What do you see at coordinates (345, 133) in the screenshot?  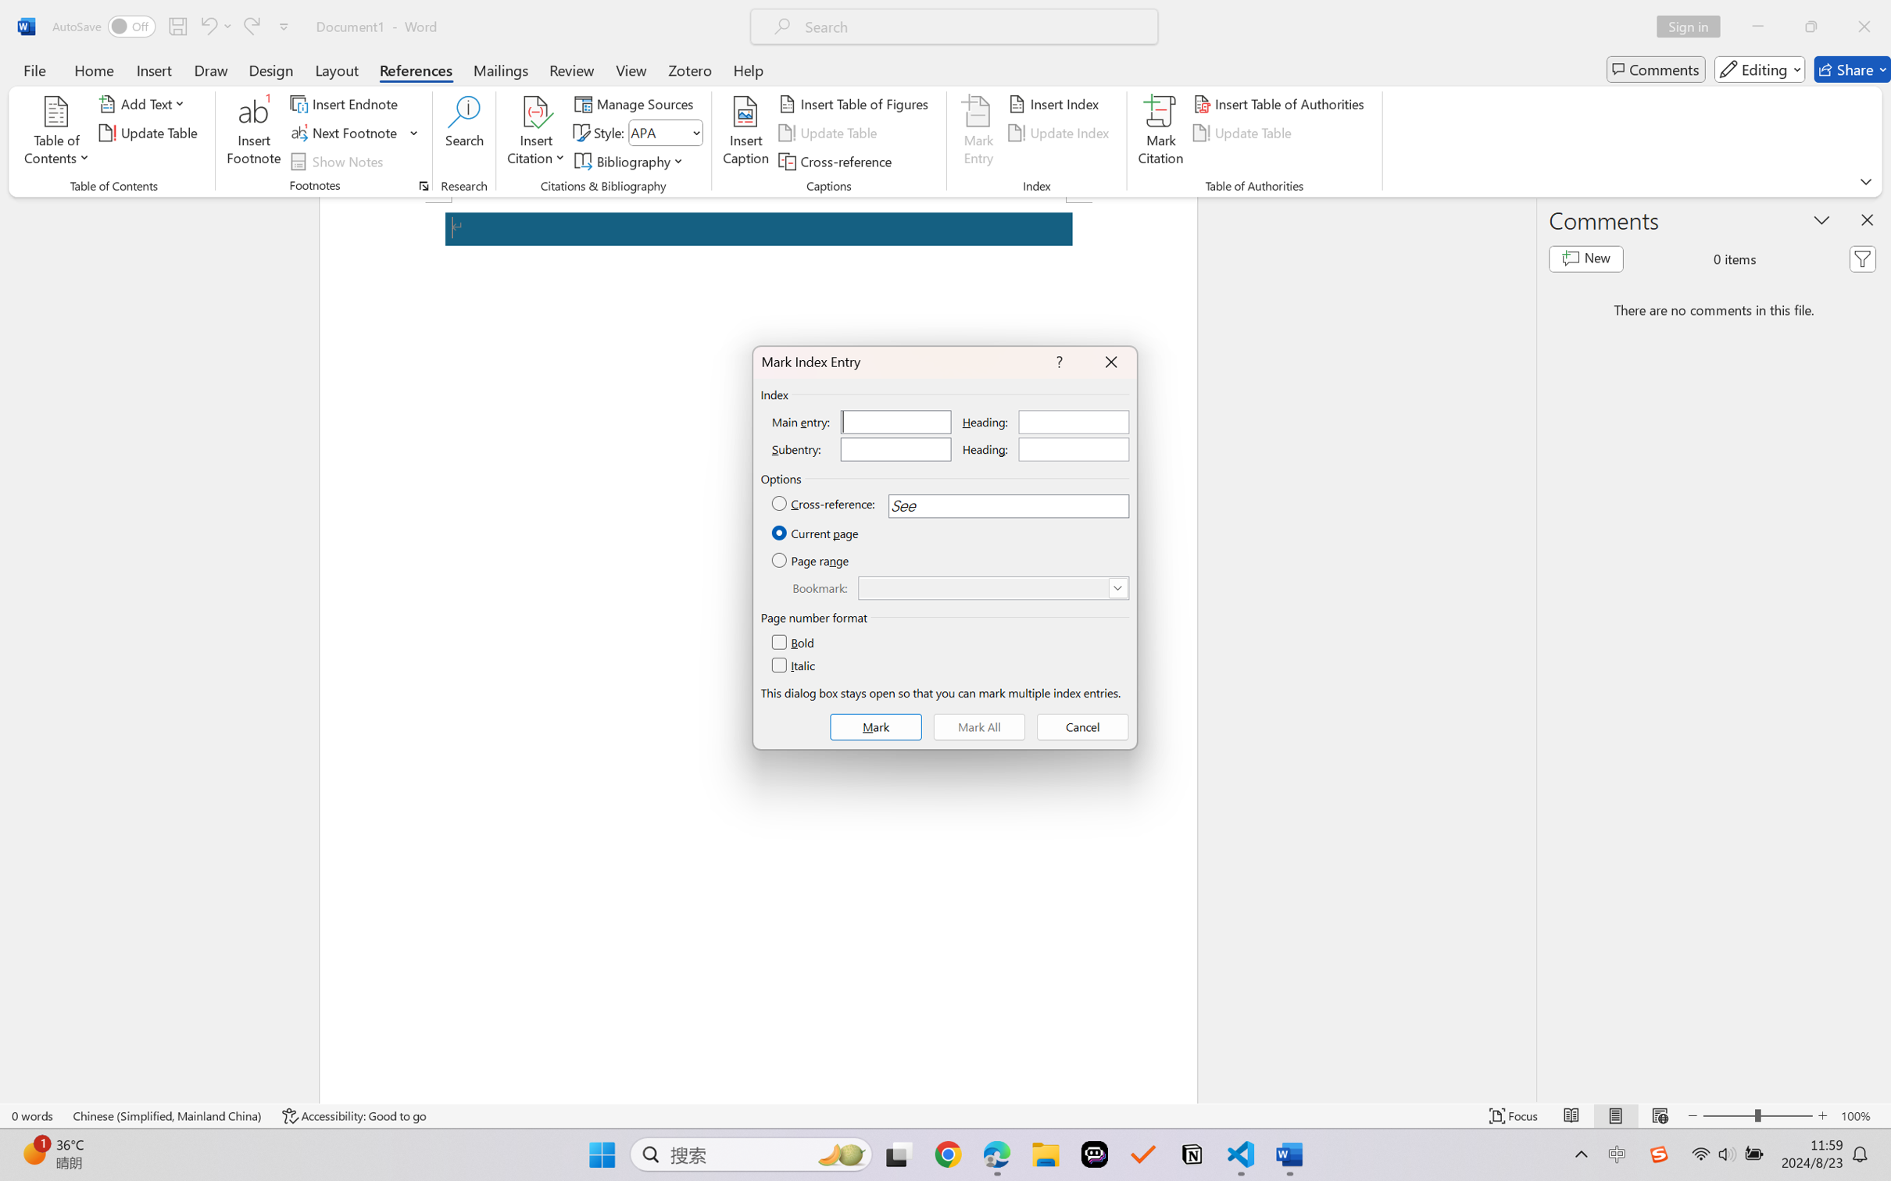 I see `'Next Footnote'` at bounding box center [345, 133].